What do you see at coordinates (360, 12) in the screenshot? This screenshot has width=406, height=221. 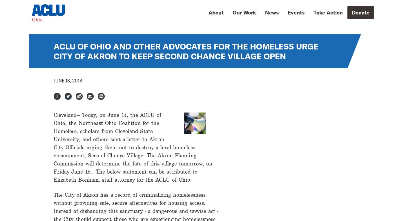 I see `'Donate'` at bounding box center [360, 12].